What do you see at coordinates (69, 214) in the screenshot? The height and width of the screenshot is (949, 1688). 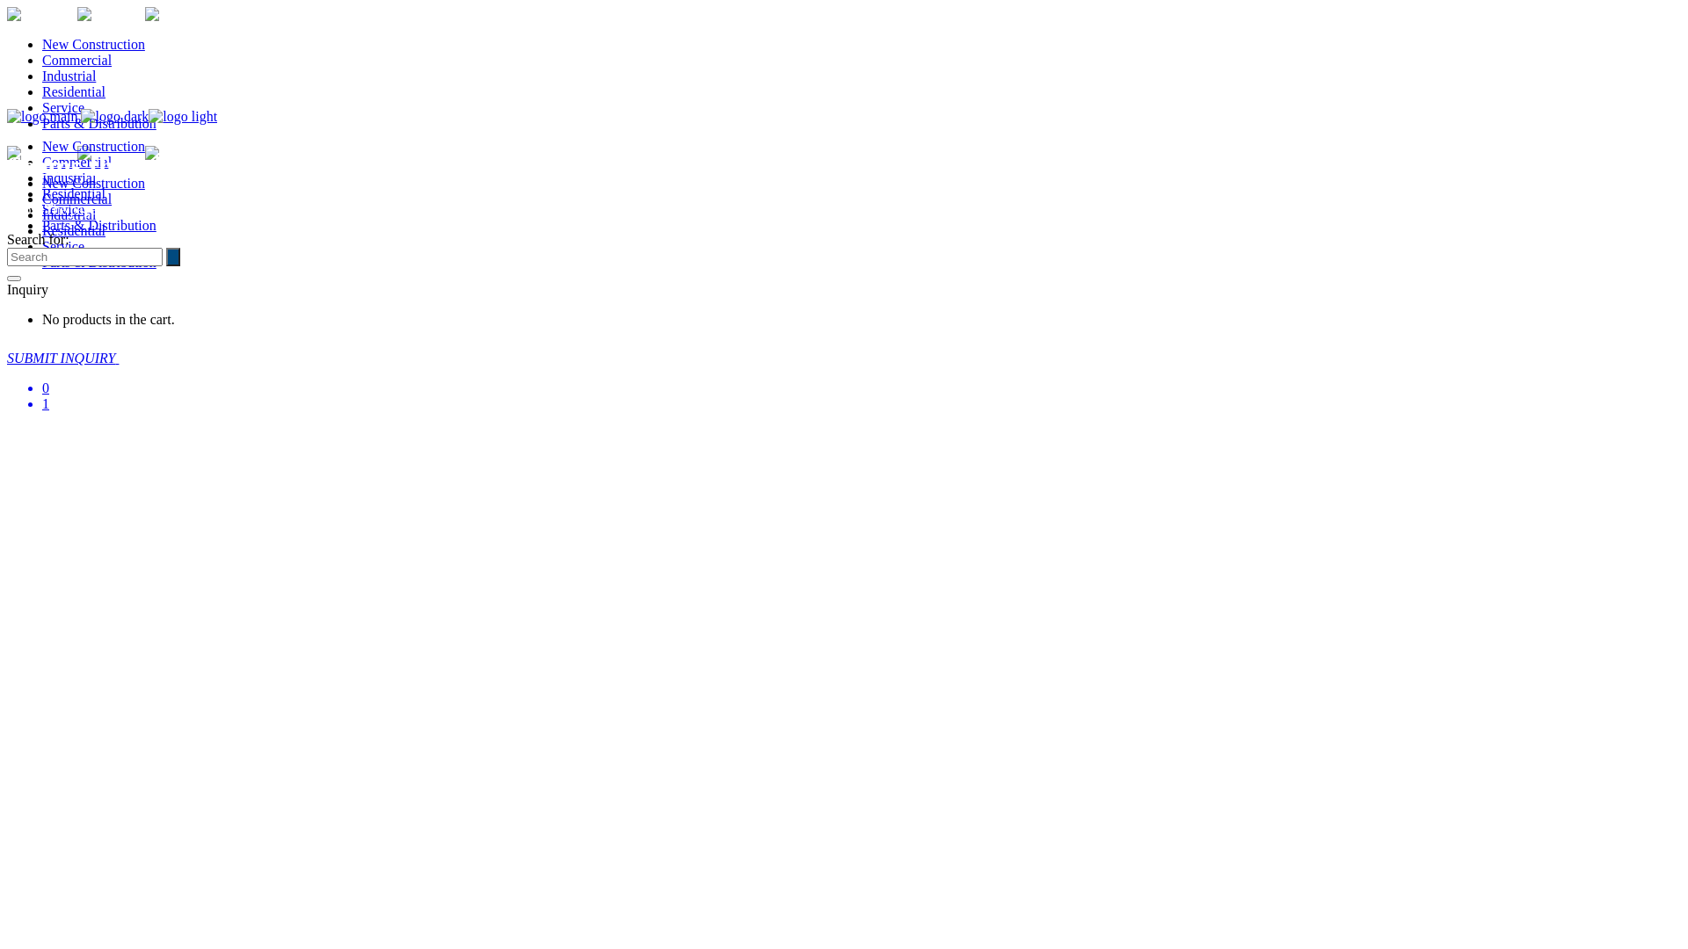 I see `'Industrial'` at bounding box center [69, 214].